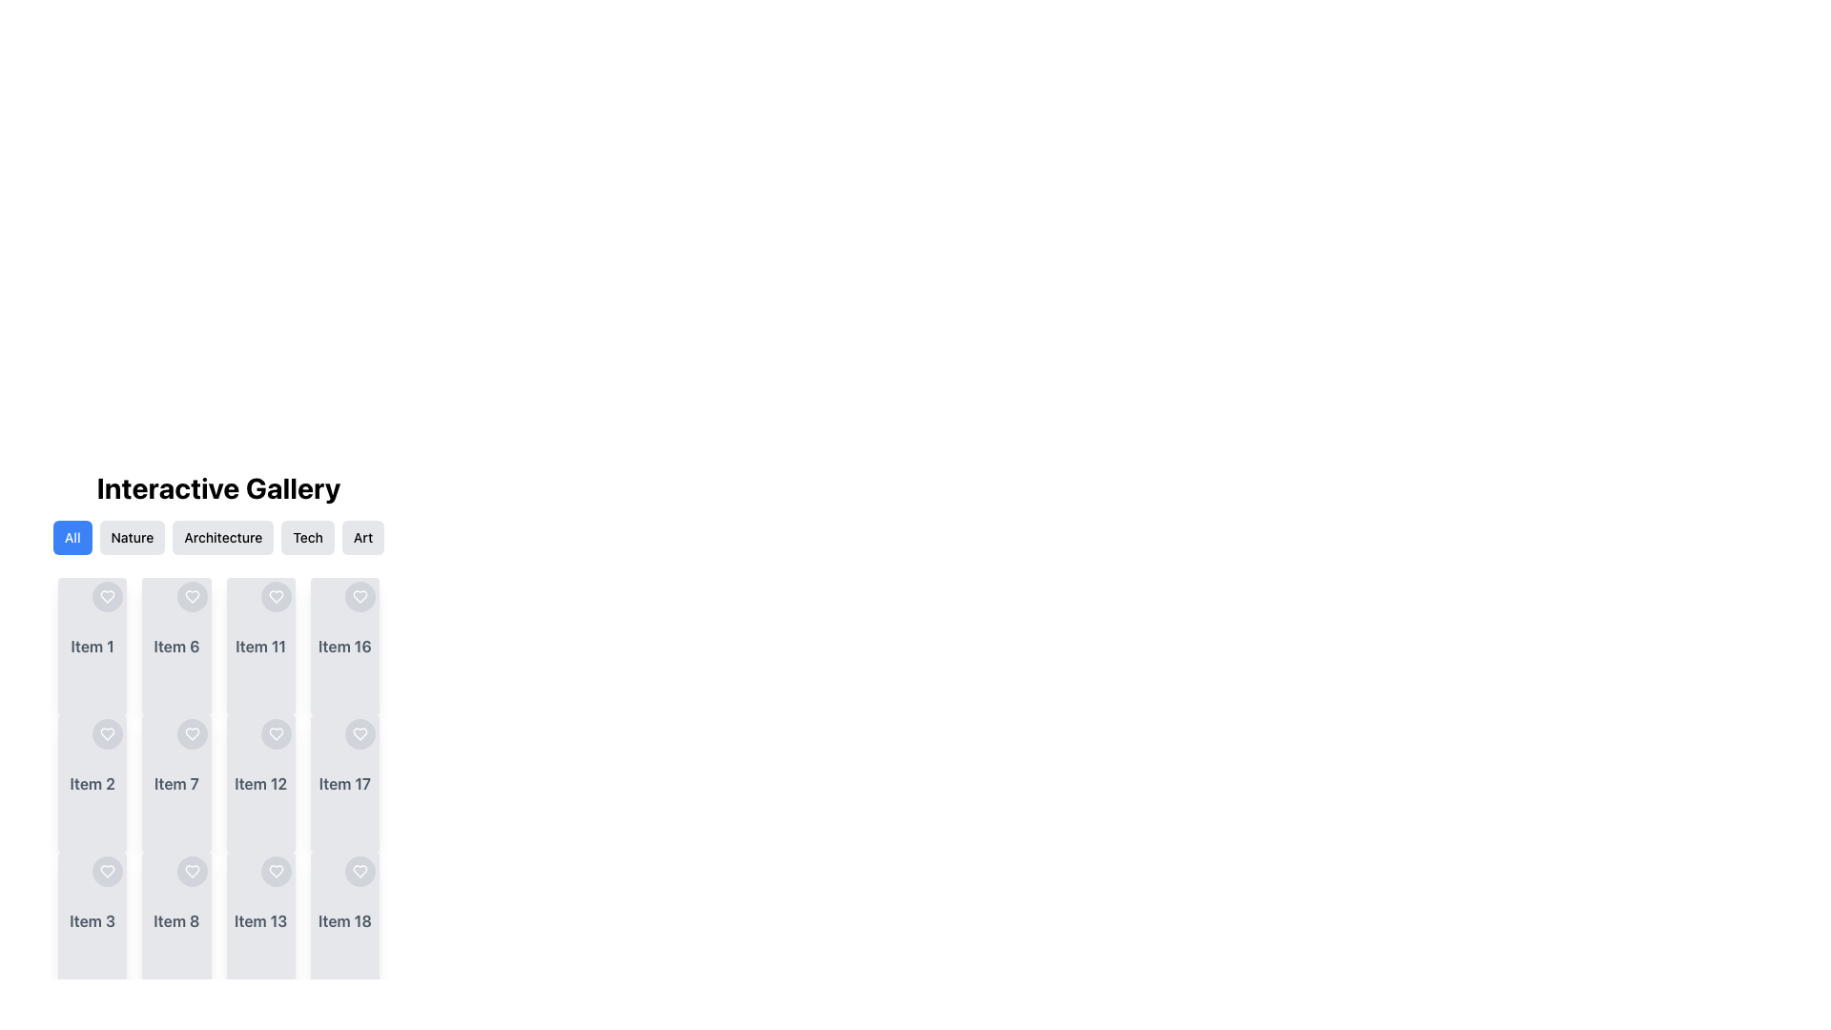  I want to click on the heart-shaped icon in the twelfth grid item to mark the item as liked, so click(275, 733).